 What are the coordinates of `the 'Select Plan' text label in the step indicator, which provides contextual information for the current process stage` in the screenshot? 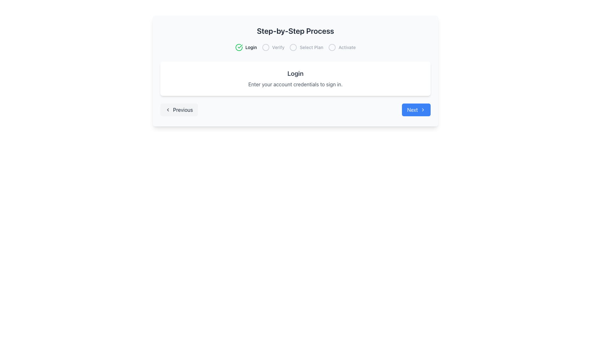 It's located at (311, 47).